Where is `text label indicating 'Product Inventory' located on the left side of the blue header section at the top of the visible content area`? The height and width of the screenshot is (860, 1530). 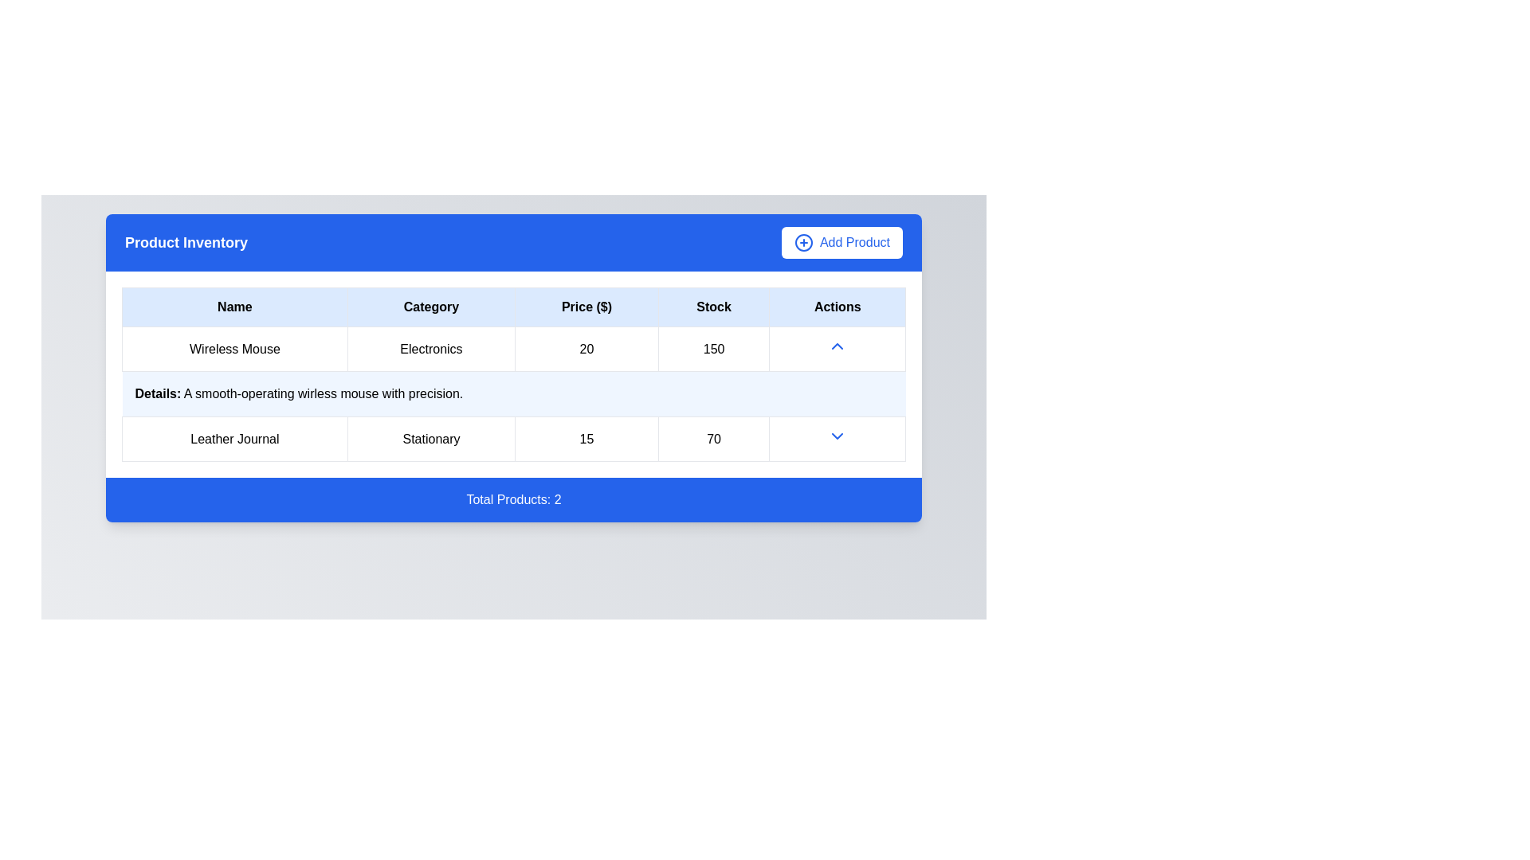
text label indicating 'Product Inventory' located on the left side of the blue header section at the top of the visible content area is located at coordinates (186, 242).